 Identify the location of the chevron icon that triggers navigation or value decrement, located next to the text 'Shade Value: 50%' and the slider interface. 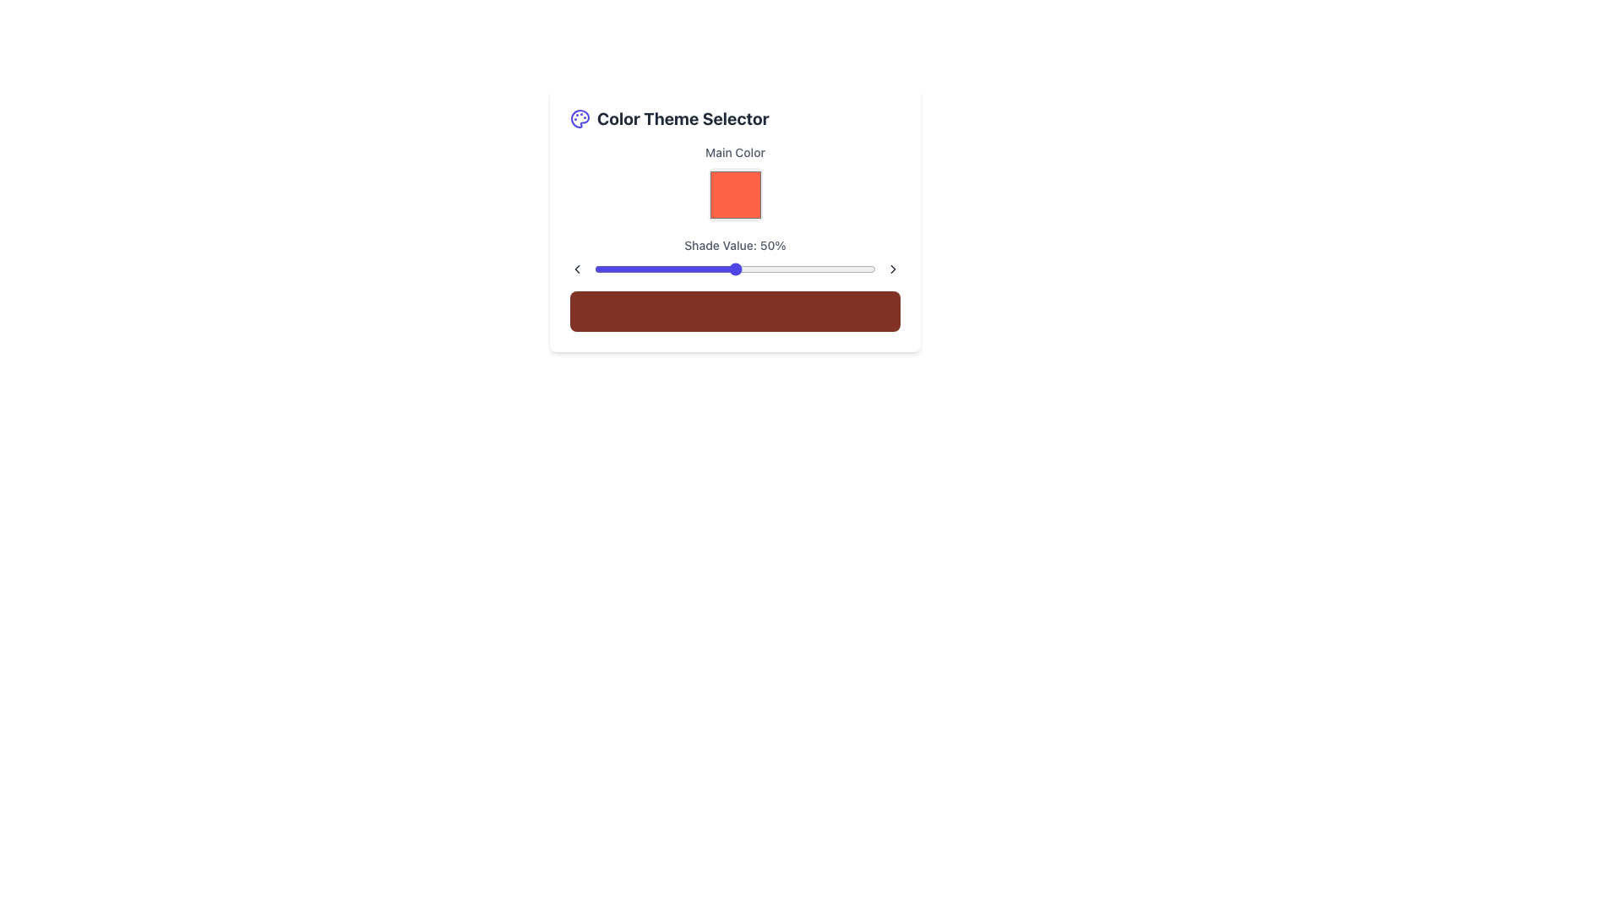
(577, 269).